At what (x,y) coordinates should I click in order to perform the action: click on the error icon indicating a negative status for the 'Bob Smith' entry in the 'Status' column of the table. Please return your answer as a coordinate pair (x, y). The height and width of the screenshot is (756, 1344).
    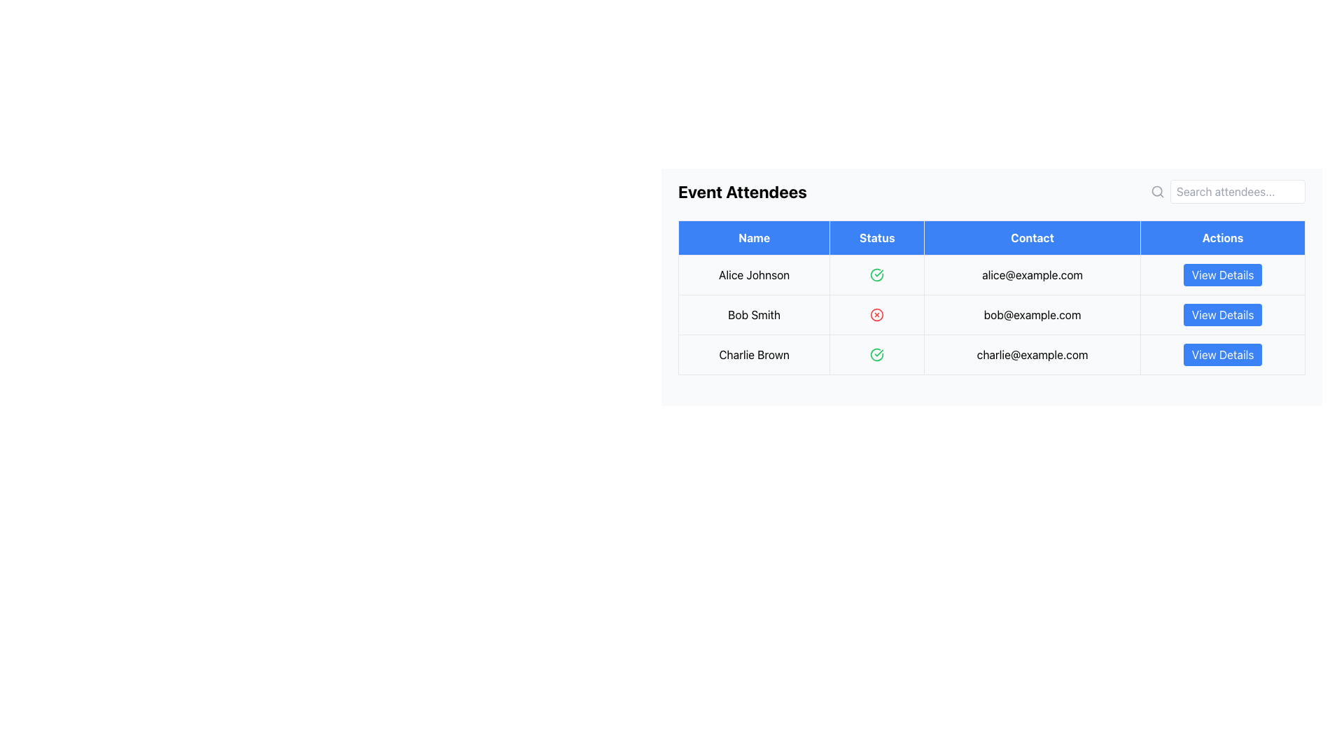
    Looking at the image, I should click on (876, 315).